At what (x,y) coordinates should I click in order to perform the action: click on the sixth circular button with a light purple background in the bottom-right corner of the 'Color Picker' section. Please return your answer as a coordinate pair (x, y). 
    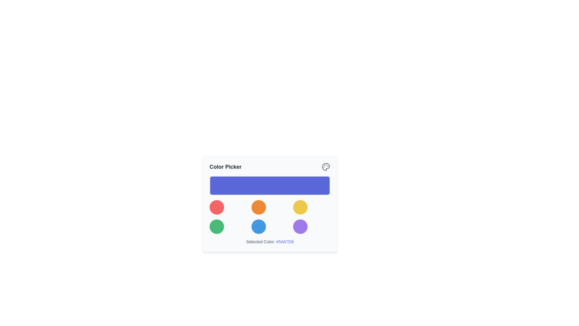
    Looking at the image, I should click on (300, 227).